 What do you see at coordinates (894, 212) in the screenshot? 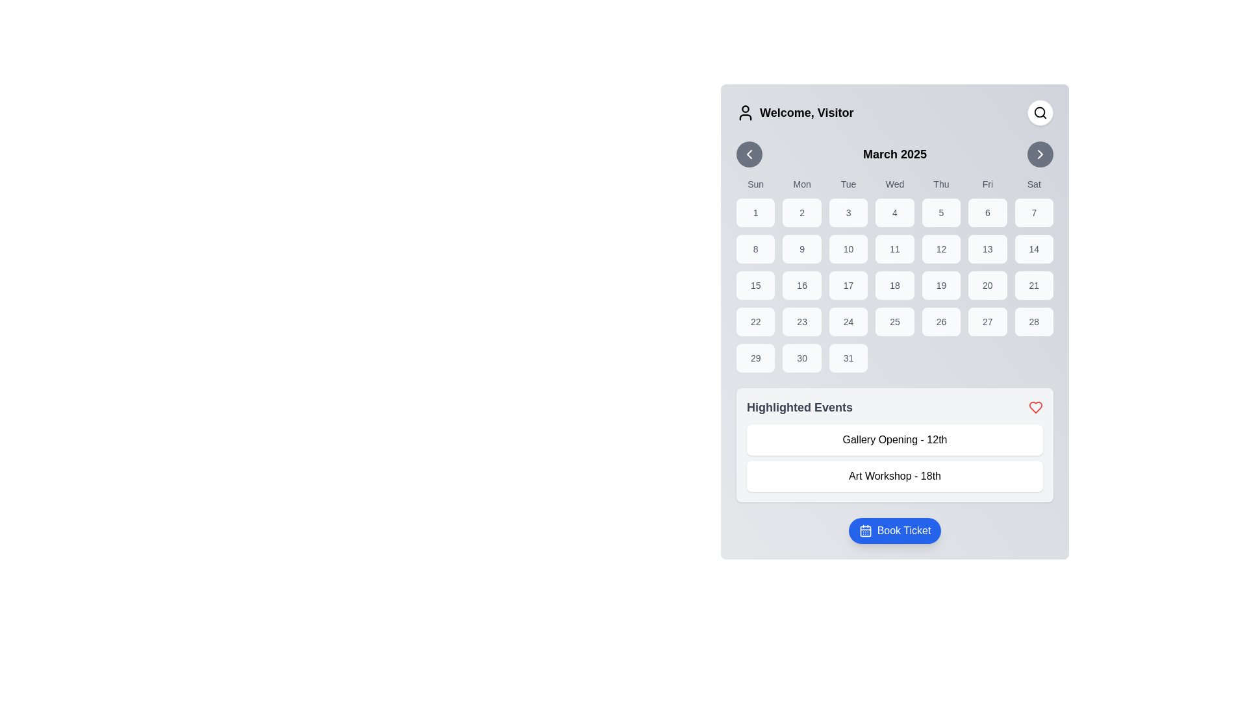
I see `the calendar day cell representing the date '4' in March 2025` at bounding box center [894, 212].